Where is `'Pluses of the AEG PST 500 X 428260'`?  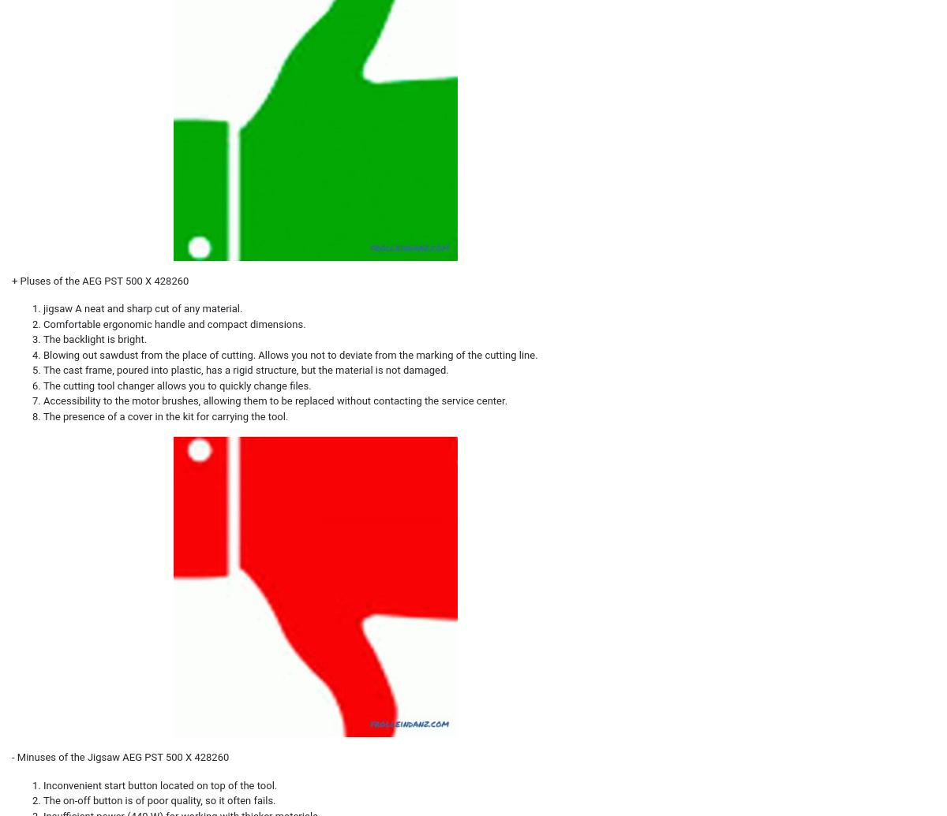 'Pluses of the AEG PST 500 X 428260' is located at coordinates (19, 280).